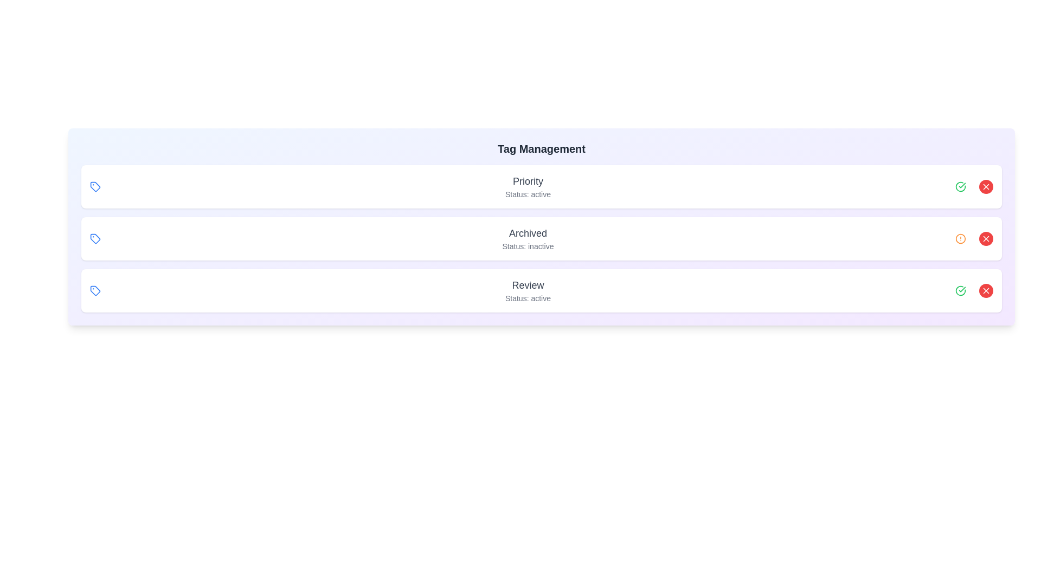 The height and width of the screenshot is (585, 1041). I want to click on the red 'X' button to remove the tag with name Priority, so click(986, 186).